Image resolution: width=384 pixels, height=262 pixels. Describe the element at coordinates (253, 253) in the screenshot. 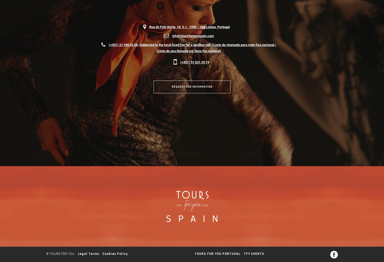

I see `'TFY EVENTS'` at that location.